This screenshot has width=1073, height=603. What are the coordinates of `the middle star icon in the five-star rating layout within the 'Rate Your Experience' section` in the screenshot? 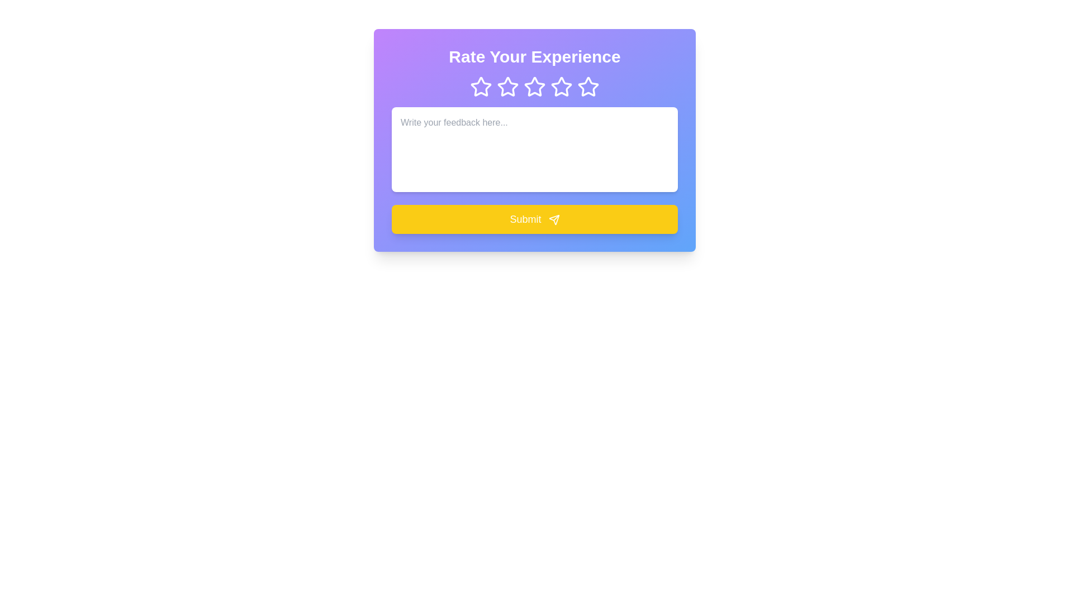 It's located at (534, 86).